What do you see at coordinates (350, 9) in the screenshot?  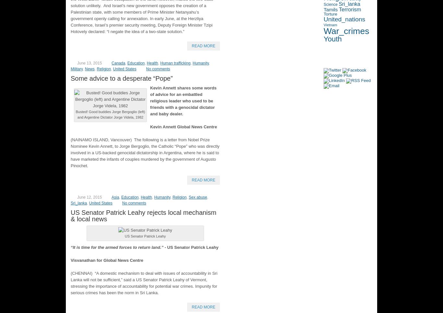 I see `'Terrorism'` at bounding box center [350, 9].